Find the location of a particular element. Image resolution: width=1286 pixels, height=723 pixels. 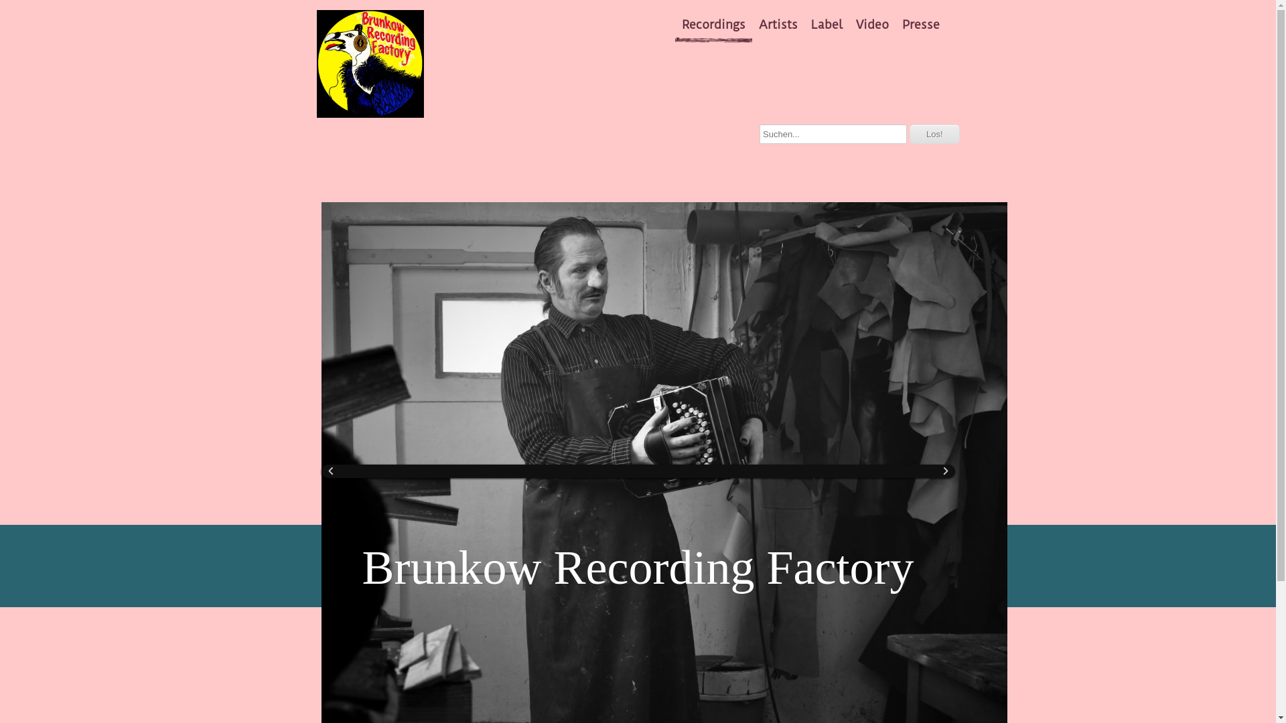

'Video' is located at coordinates (872, 25).